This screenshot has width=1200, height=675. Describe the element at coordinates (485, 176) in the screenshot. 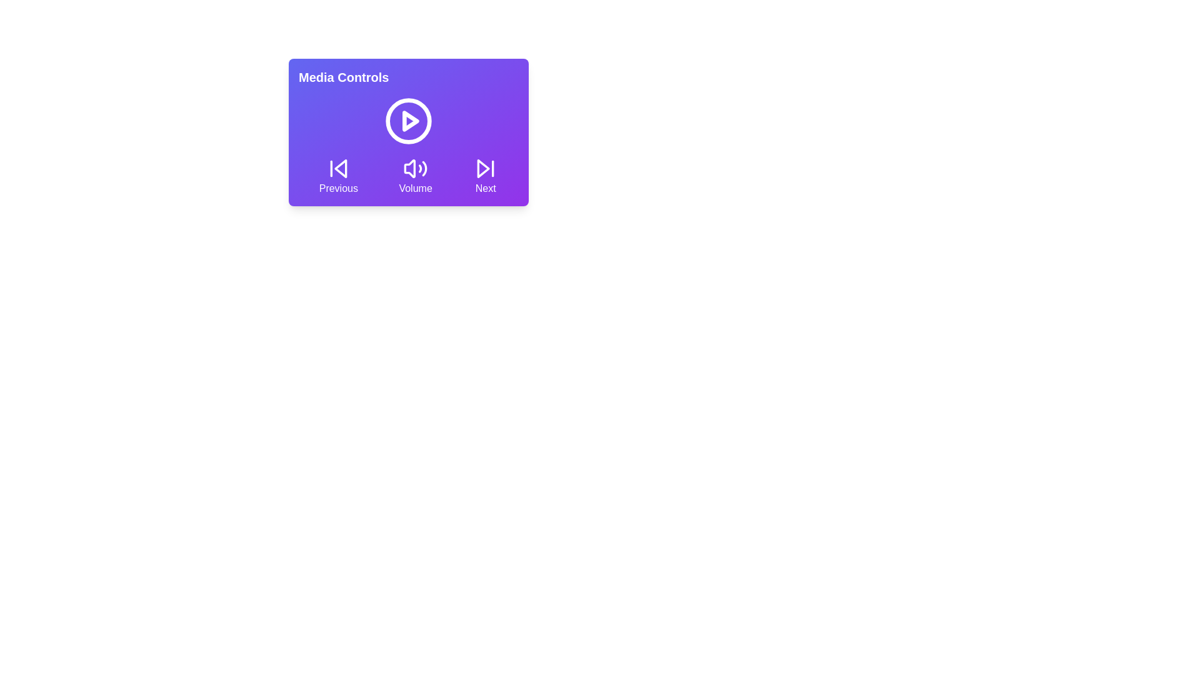

I see `the Next button to view its hover effect` at that location.